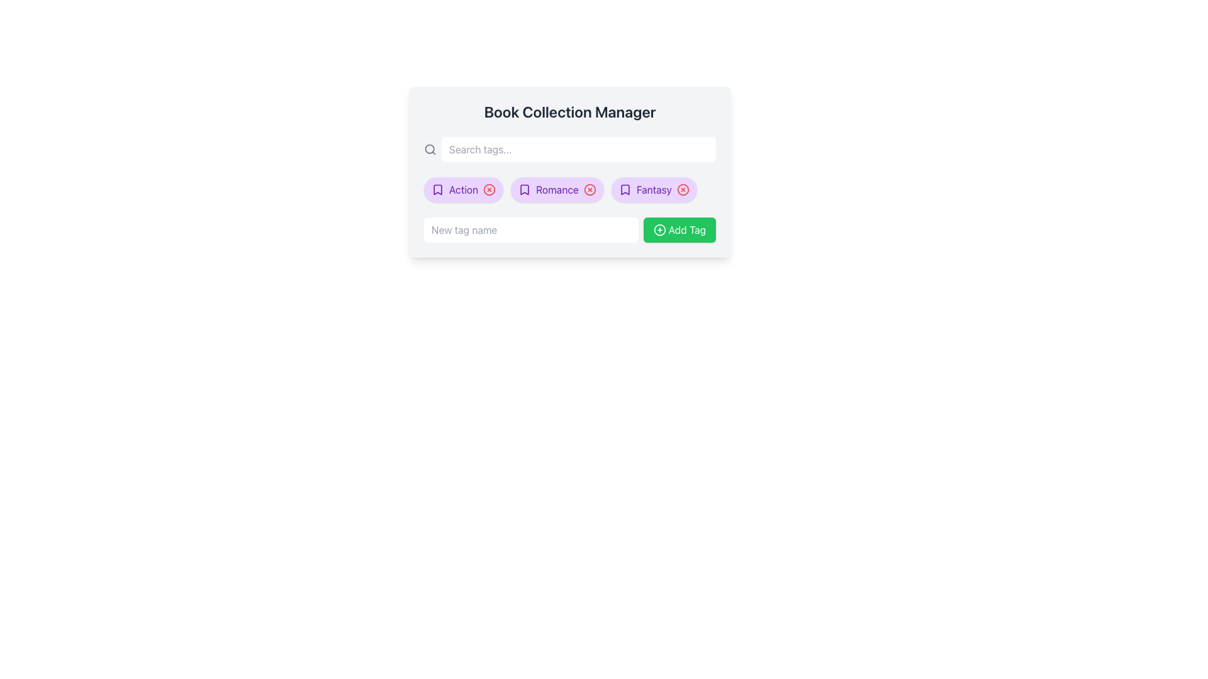  What do you see at coordinates (430, 148) in the screenshot?
I see `the SVG Circle icon that represents the search function, which is positioned to the left of the 'Search tags...' input field` at bounding box center [430, 148].